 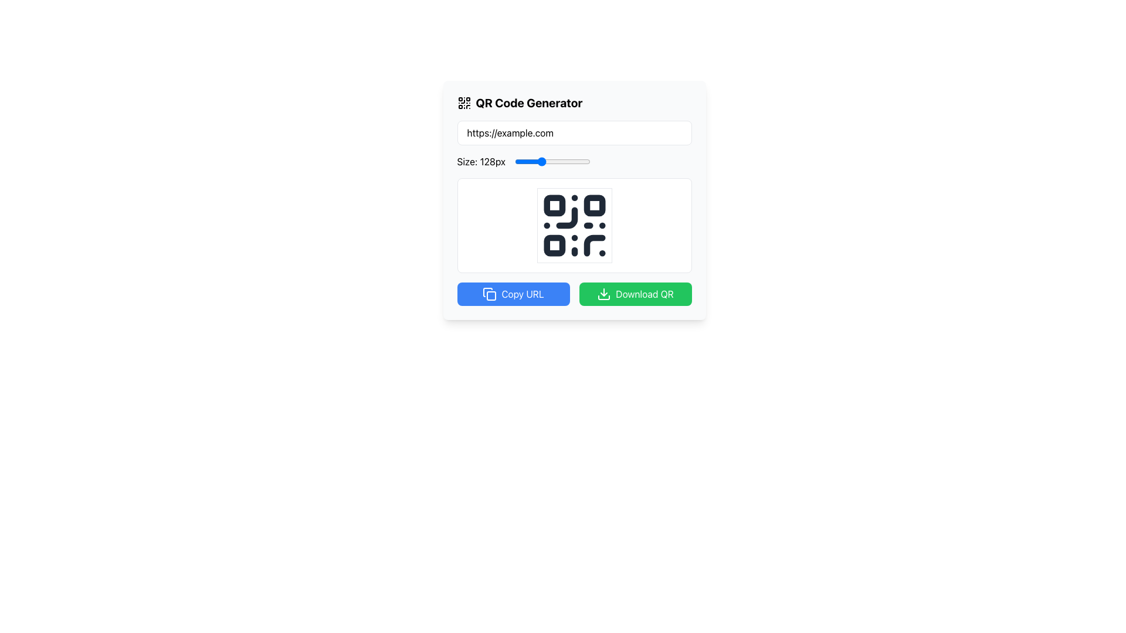 What do you see at coordinates (635, 293) in the screenshot?
I see `the download button located to the right of the blue 'Copy URL' button, which allows users to download the displayed QR code` at bounding box center [635, 293].